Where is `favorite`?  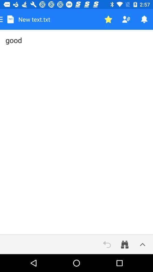 favorite is located at coordinates (108, 19).